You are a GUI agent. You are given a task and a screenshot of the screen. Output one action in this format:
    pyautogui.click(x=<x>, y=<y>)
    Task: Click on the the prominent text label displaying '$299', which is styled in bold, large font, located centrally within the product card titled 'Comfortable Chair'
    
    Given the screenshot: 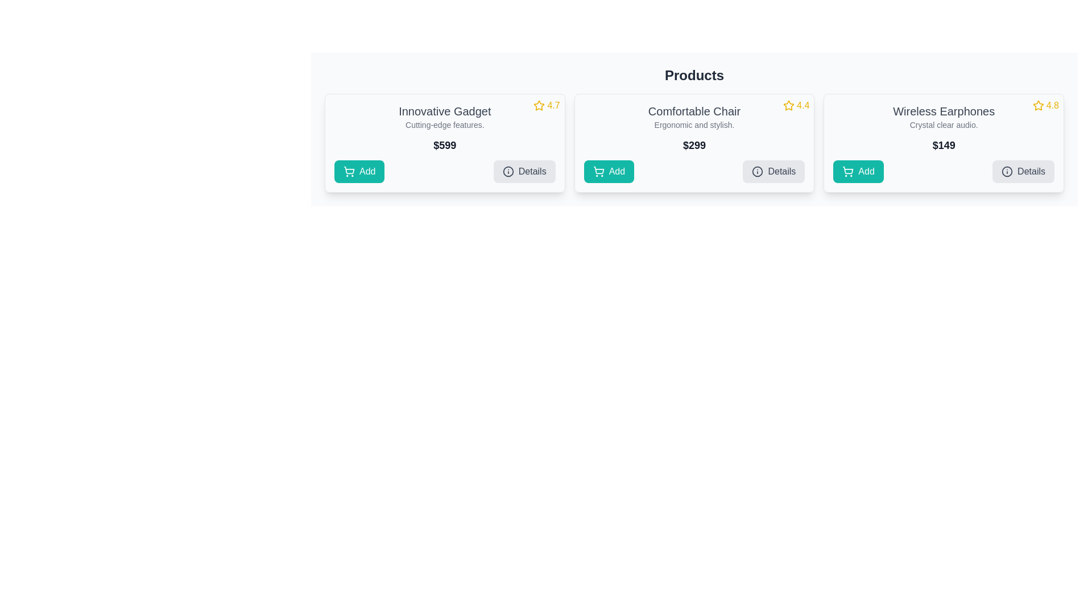 What is the action you would take?
    pyautogui.click(x=693, y=144)
    